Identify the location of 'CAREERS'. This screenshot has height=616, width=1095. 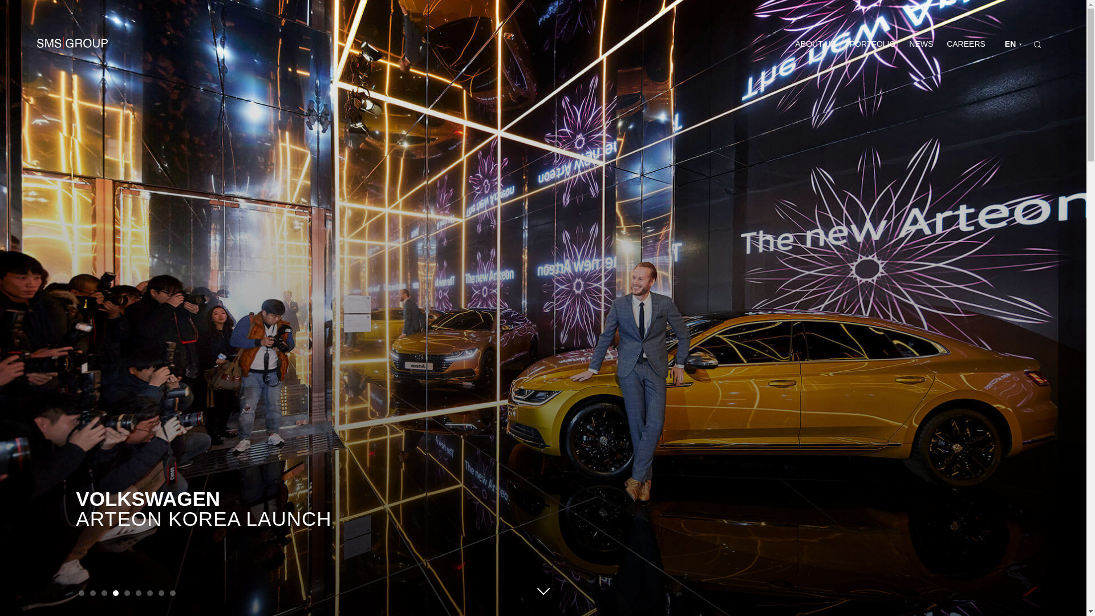
(966, 43).